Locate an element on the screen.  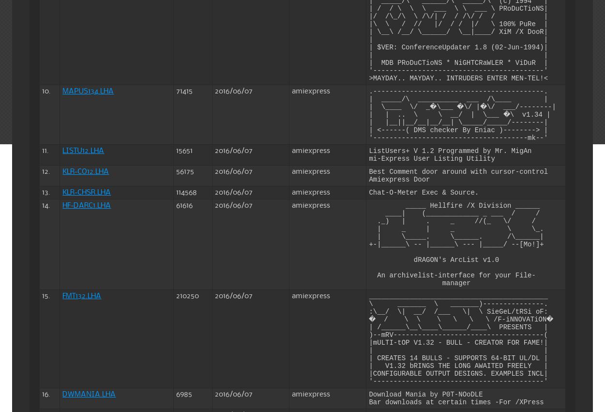
'| \__\ /__/ \______/  \__|____/ XiM /X DooR|' is located at coordinates (369, 31).